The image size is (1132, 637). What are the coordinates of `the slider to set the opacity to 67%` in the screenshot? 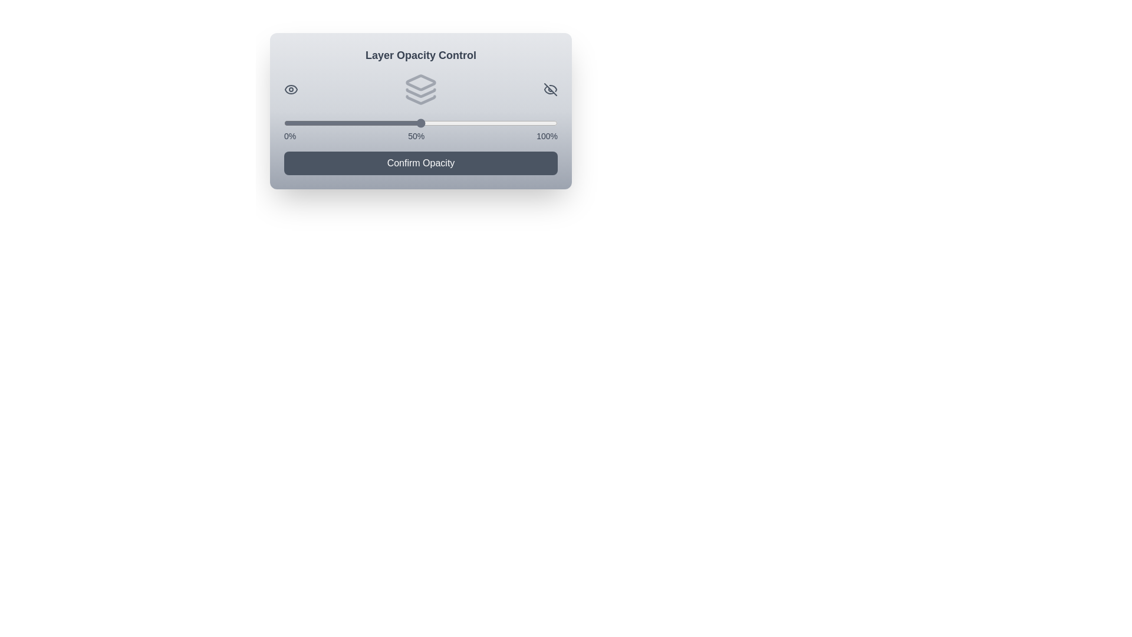 It's located at (466, 123).